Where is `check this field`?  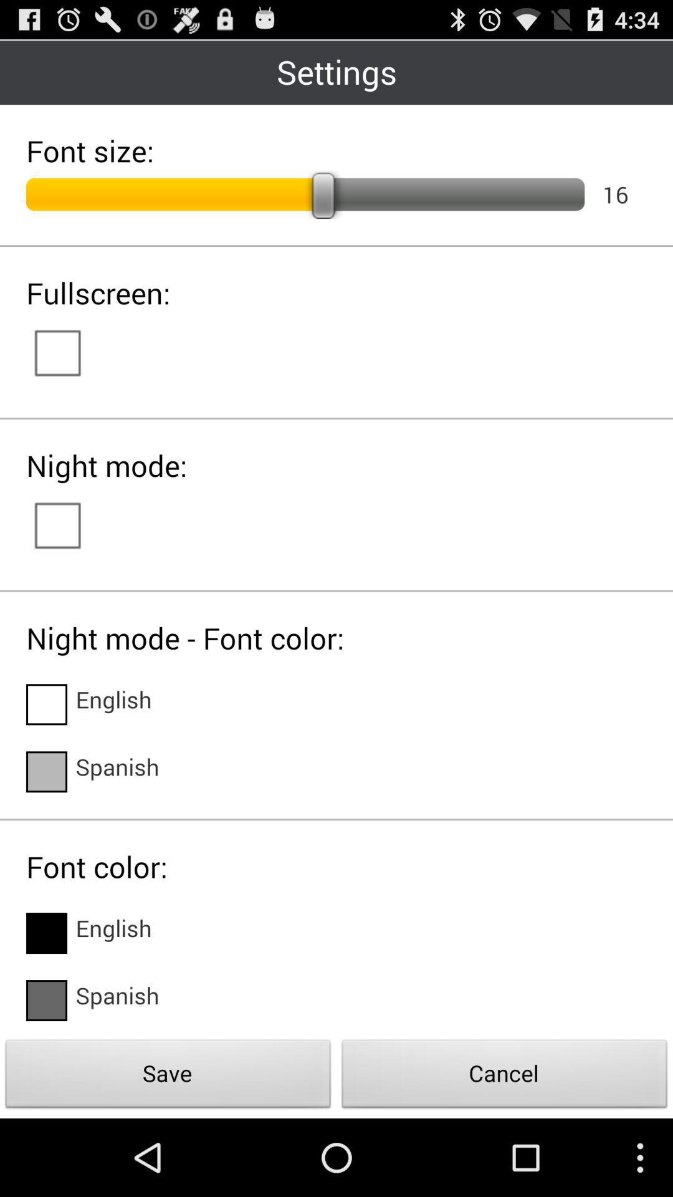 check this field is located at coordinates (45, 1000).